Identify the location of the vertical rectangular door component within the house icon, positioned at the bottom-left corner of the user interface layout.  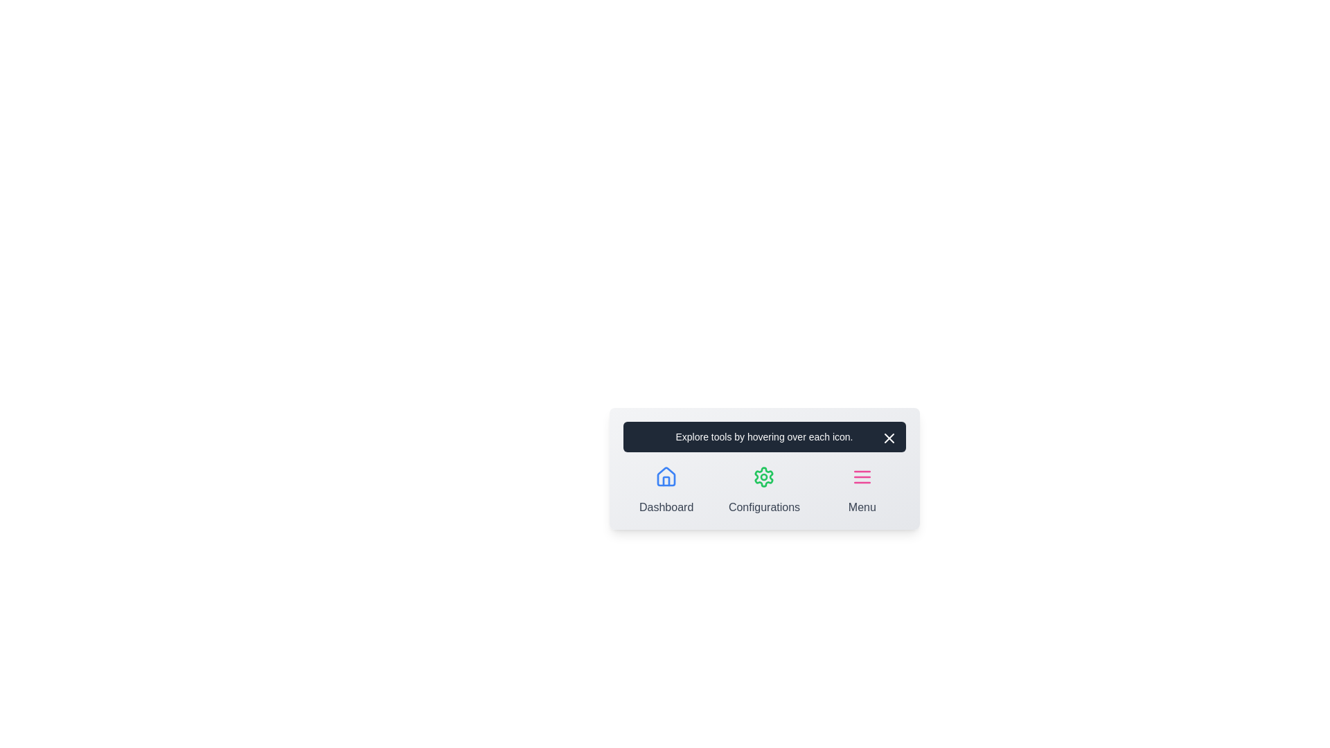
(666, 480).